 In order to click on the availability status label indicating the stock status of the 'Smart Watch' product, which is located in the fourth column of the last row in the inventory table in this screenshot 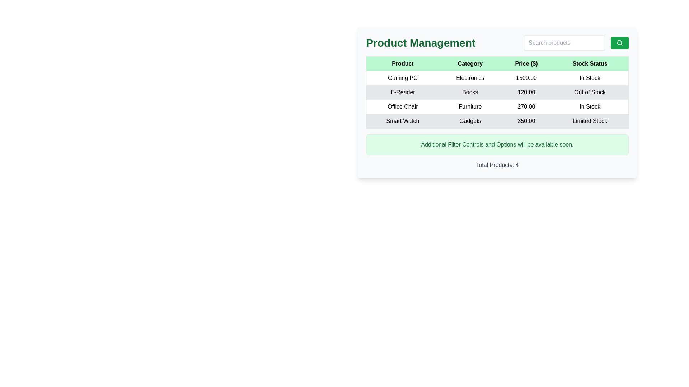, I will do `click(590, 121)`.